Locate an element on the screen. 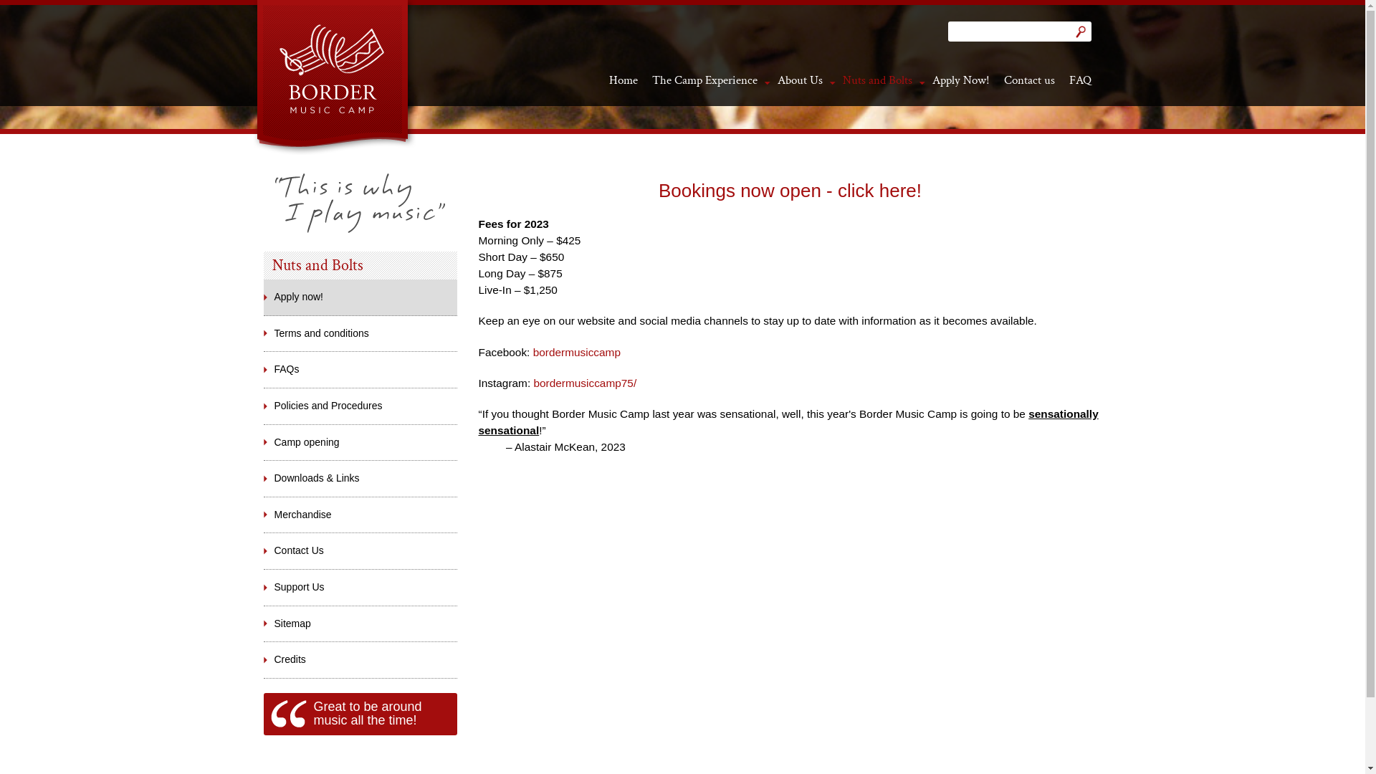 This screenshot has height=774, width=1376. 'Go' is located at coordinates (1080, 31).